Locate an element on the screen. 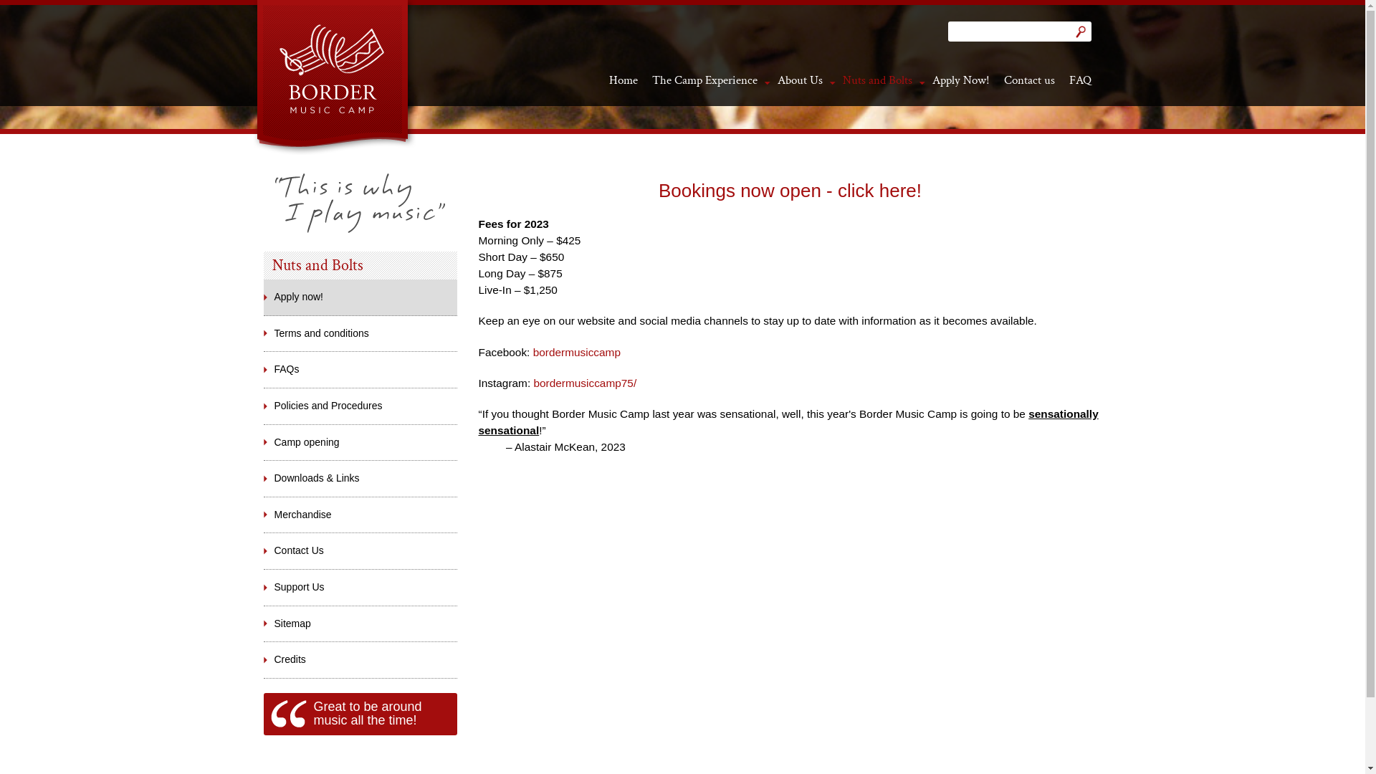 This screenshot has height=774, width=1376. 'Go' is located at coordinates (1080, 31).